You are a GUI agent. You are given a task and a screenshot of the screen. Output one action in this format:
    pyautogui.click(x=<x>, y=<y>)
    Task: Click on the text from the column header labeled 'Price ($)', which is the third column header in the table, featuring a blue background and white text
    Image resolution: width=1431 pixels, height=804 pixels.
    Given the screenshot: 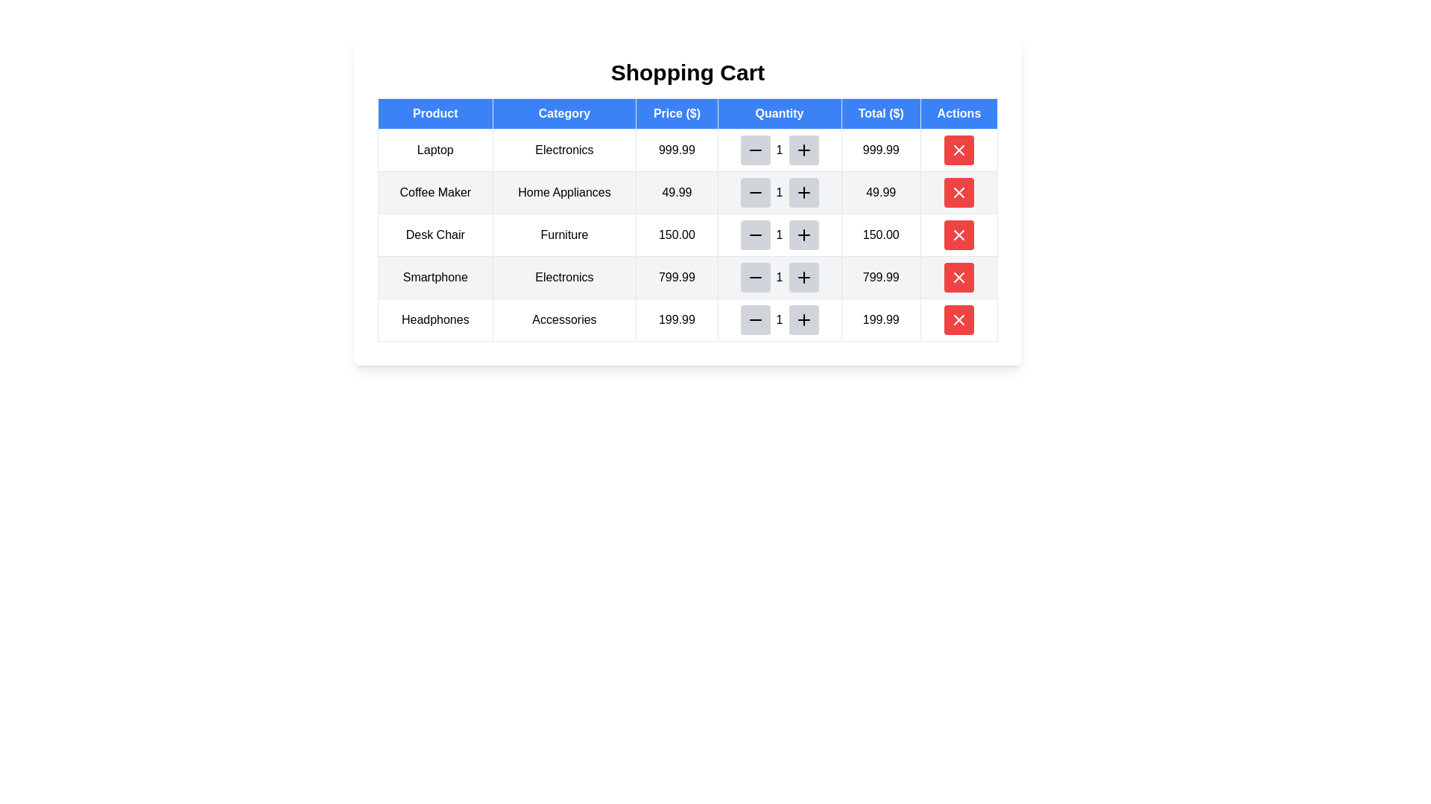 What is the action you would take?
    pyautogui.click(x=686, y=113)
    